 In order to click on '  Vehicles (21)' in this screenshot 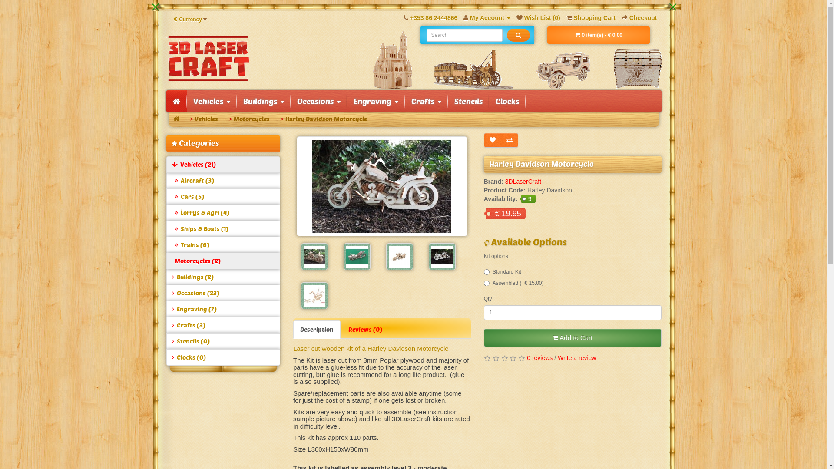, I will do `click(223, 164)`.